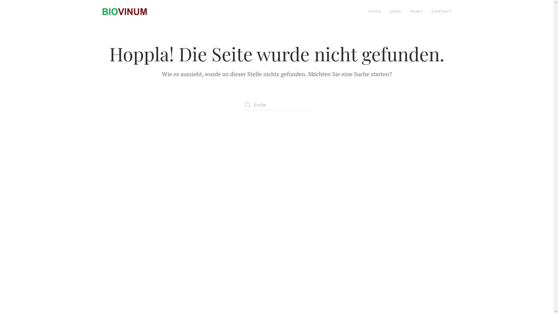 The image size is (558, 314). Describe the element at coordinates (410, 11) in the screenshot. I see `'NEWS'` at that location.